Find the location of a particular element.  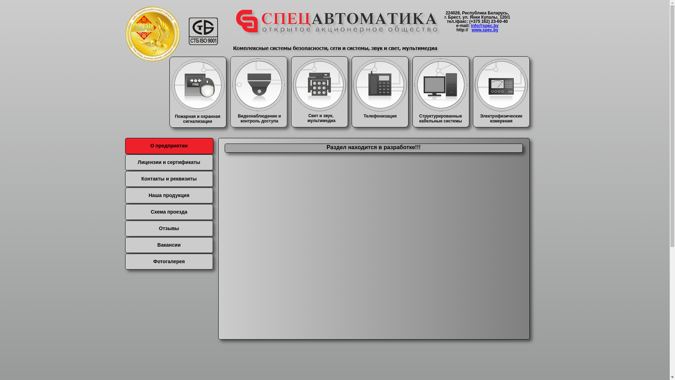

'www.spec.by' is located at coordinates (485, 29).